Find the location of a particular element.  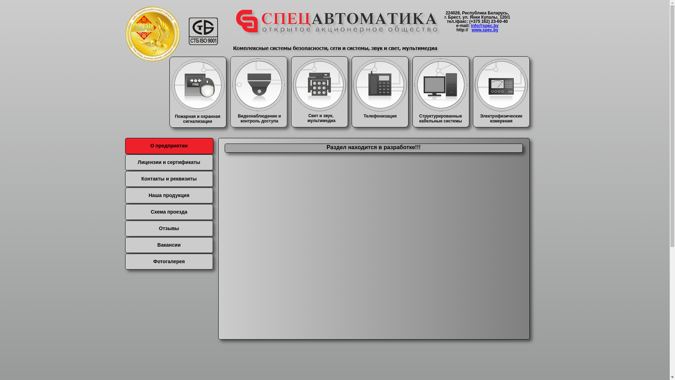

'www.spec.by' is located at coordinates (485, 29).